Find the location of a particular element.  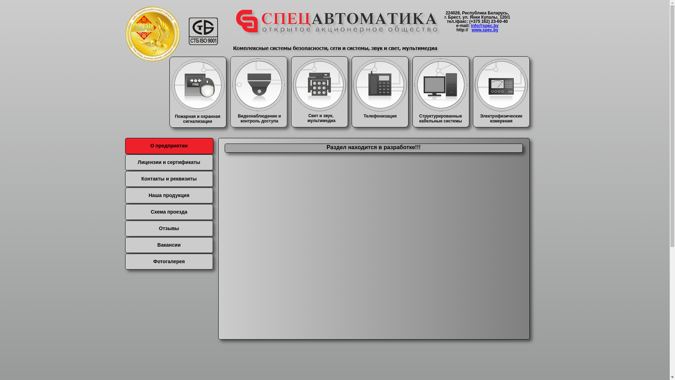

'www.spec.by' is located at coordinates (485, 29).